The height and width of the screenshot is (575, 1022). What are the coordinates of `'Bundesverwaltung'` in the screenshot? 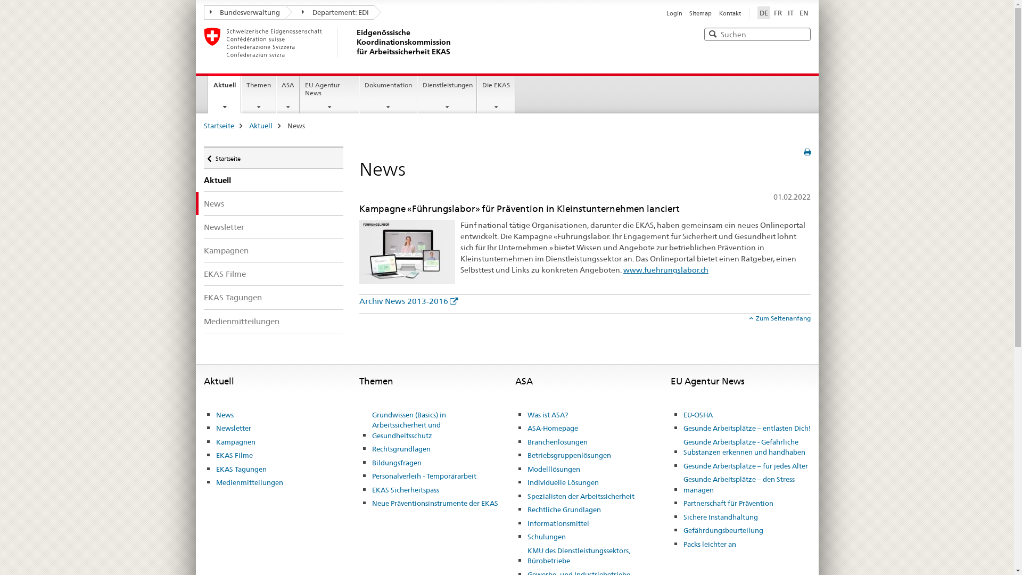 It's located at (244, 12).